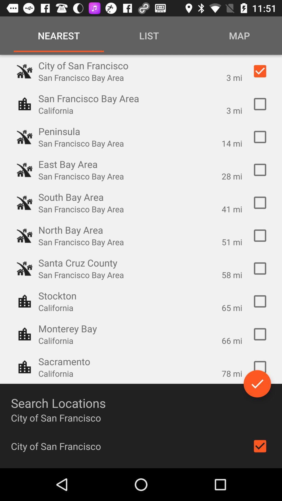 This screenshot has width=282, height=501. What do you see at coordinates (260, 268) in the screenshot?
I see `mark the location` at bounding box center [260, 268].